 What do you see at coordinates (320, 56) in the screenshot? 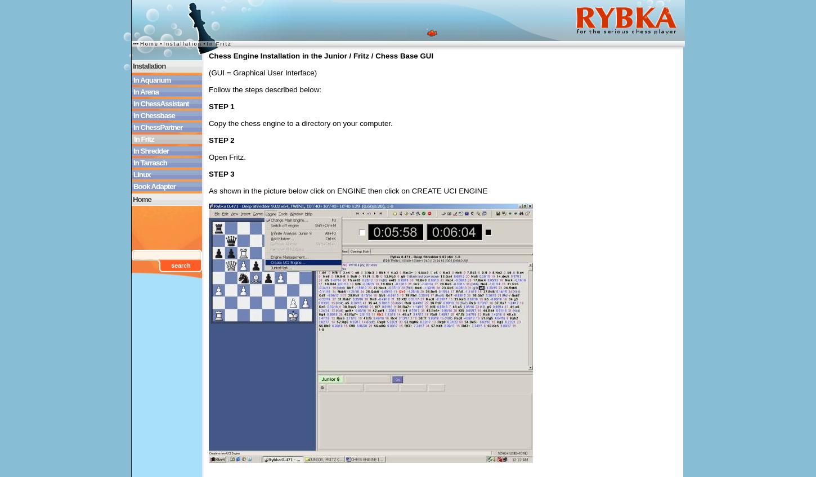
I see `'Chess Engine Installation in the Junior / Fritz / Chess Base GUI'` at bounding box center [320, 56].